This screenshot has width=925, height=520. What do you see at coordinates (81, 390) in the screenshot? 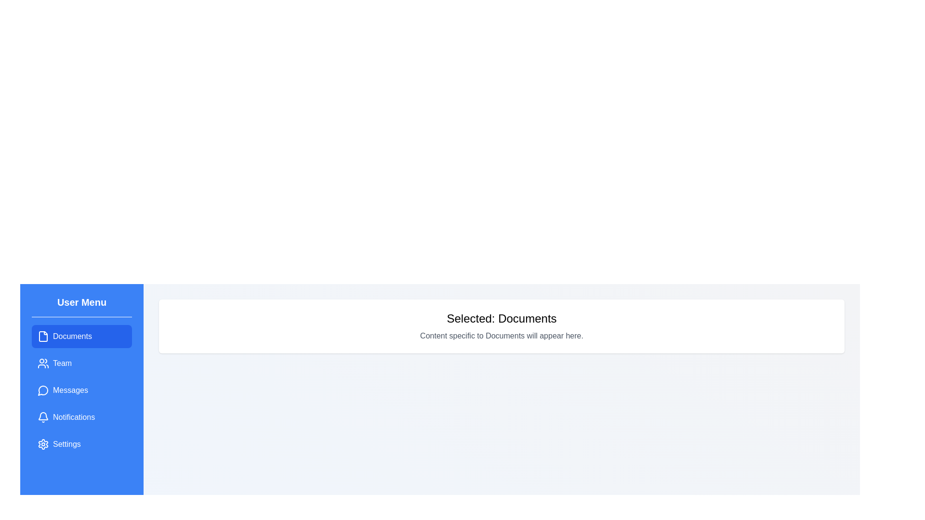
I see `the menu item Messages to change the displayed content` at bounding box center [81, 390].